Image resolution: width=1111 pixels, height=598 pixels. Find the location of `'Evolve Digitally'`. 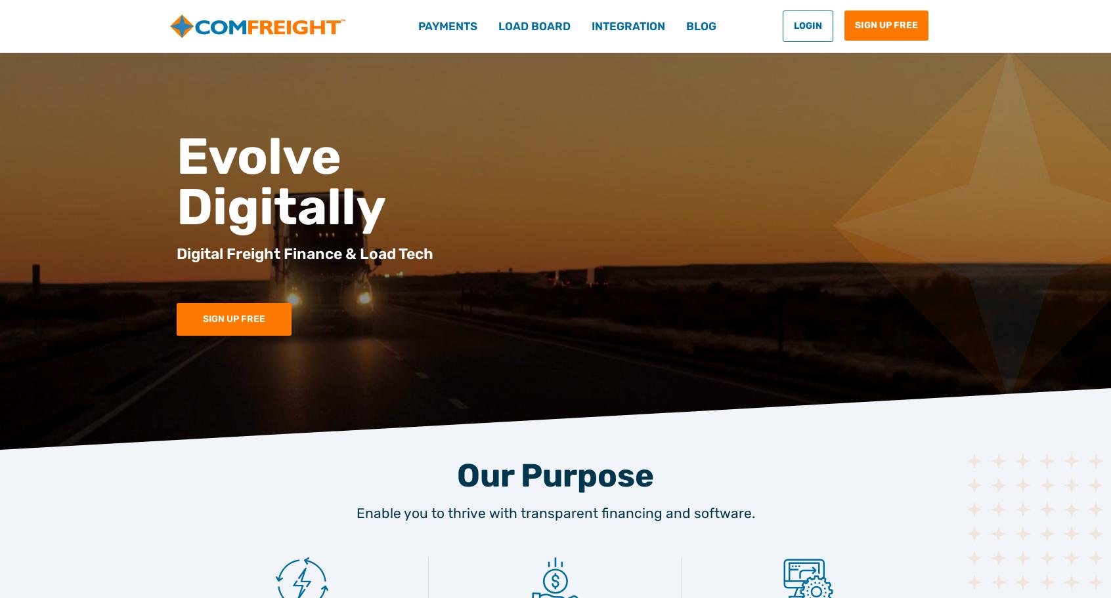

'Evolve Digitally' is located at coordinates (280, 180).